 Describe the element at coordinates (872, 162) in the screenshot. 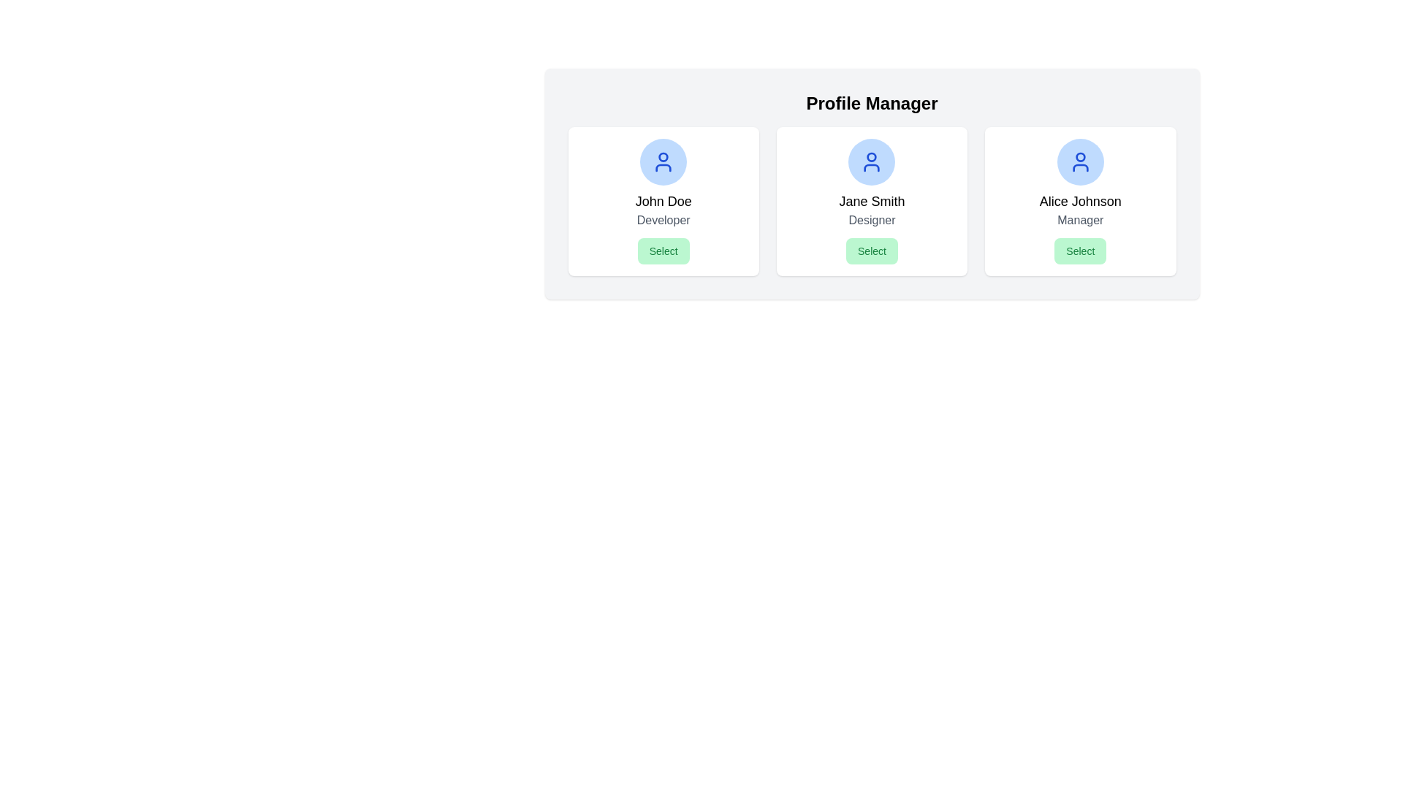

I see `the 'Jane Smith' profile icon located at the top center of the profile card` at that location.